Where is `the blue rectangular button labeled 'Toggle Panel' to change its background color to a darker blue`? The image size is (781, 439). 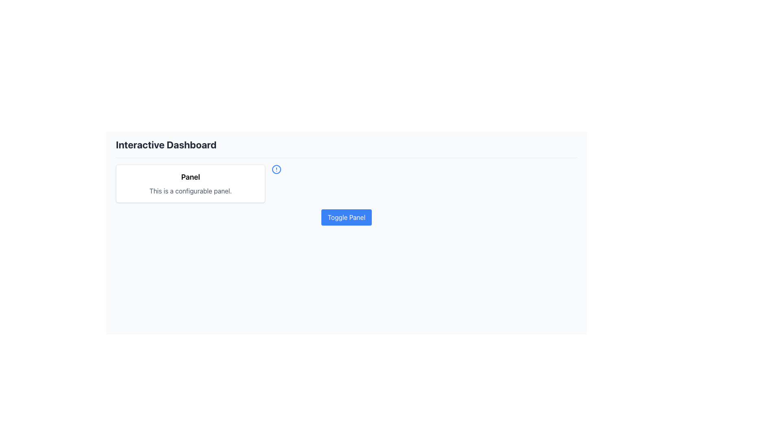
the blue rectangular button labeled 'Toggle Panel' to change its background color to a darker blue is located at coordinates (346, 217).